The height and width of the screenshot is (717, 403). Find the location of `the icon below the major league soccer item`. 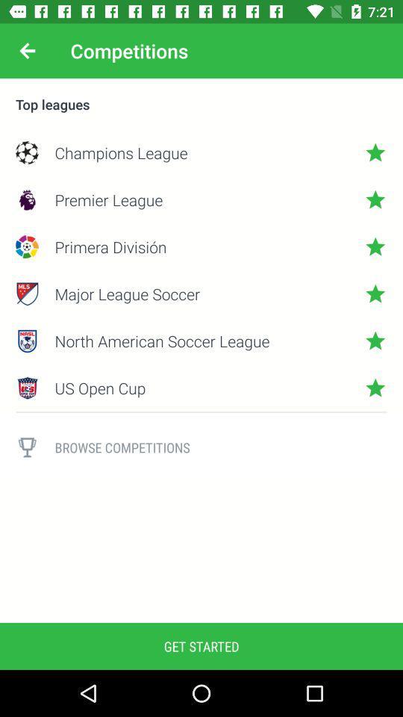

the icon below the major league soccer item is located at coordinates (201, 341).